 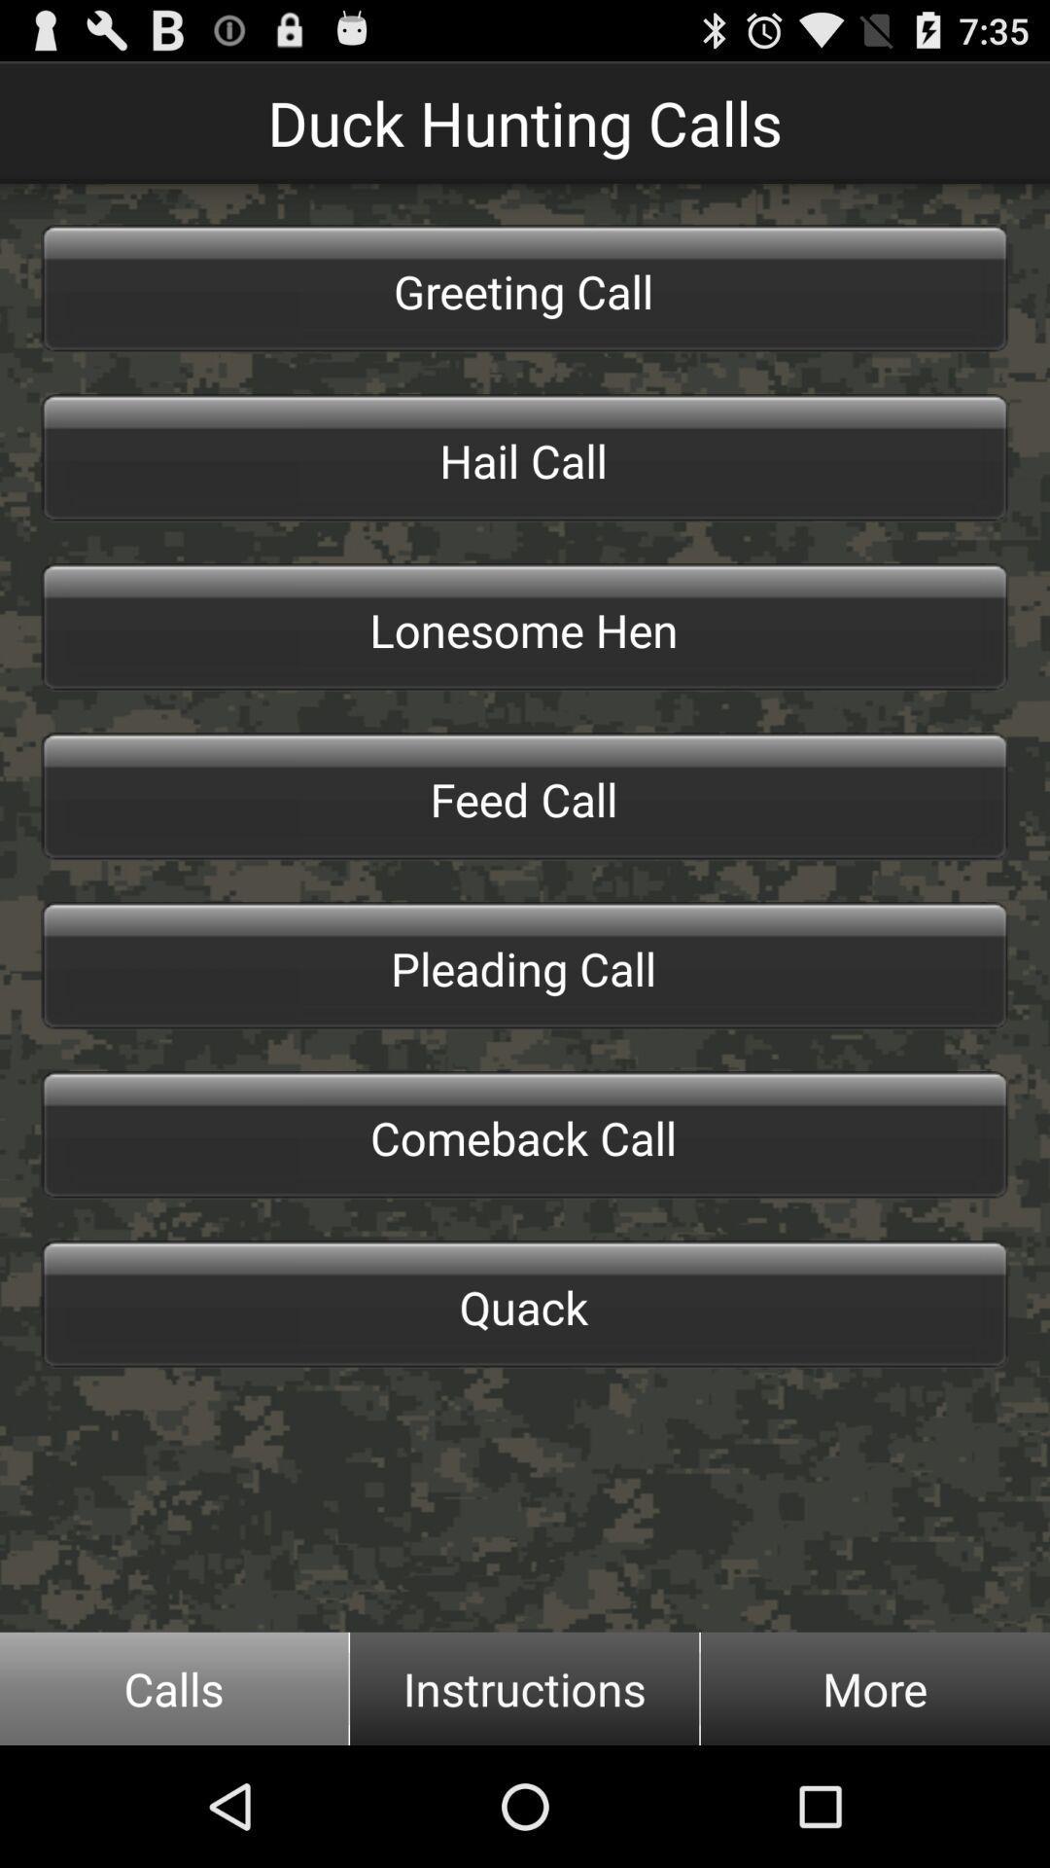 I want to click on button below feed call, so click(x=525, y=966).